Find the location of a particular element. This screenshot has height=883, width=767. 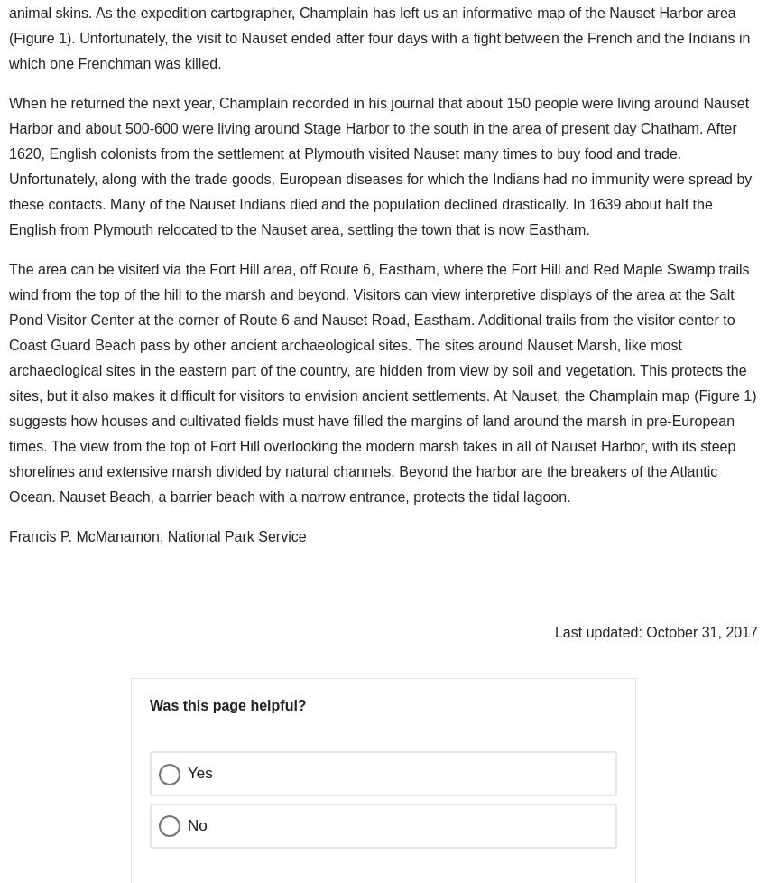

'Contact The National Park Service' is located at coordinates (131, 818).